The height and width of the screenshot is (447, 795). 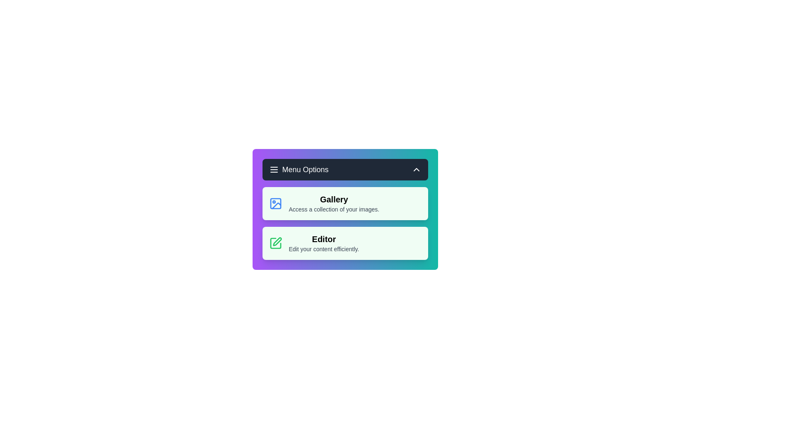 What do you see at coordinates (334, 199) in the screenshot?
I see `the 'Gallery' option in the menu` at bounding box center [334, 199].